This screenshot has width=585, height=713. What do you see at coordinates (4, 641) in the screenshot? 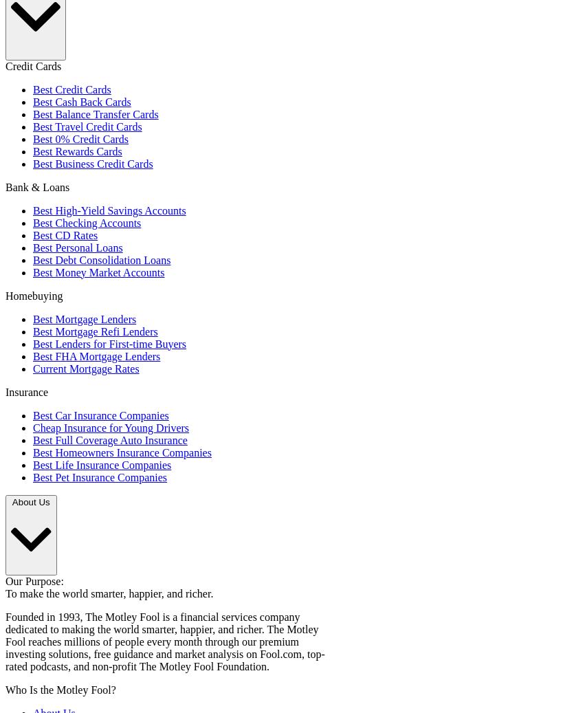
I see `'Founded in 1993, The Motley Fool is a financial services company dedicated to making the world smarter, happier, and richer. The Motley Fool reaches millions of people every month through our premium investing solutions, free guidance and market analysis on Fool.com, top-rated podcasts, and non-profit The Motley Fool Foundation.'` at bounding box center [4, 641].